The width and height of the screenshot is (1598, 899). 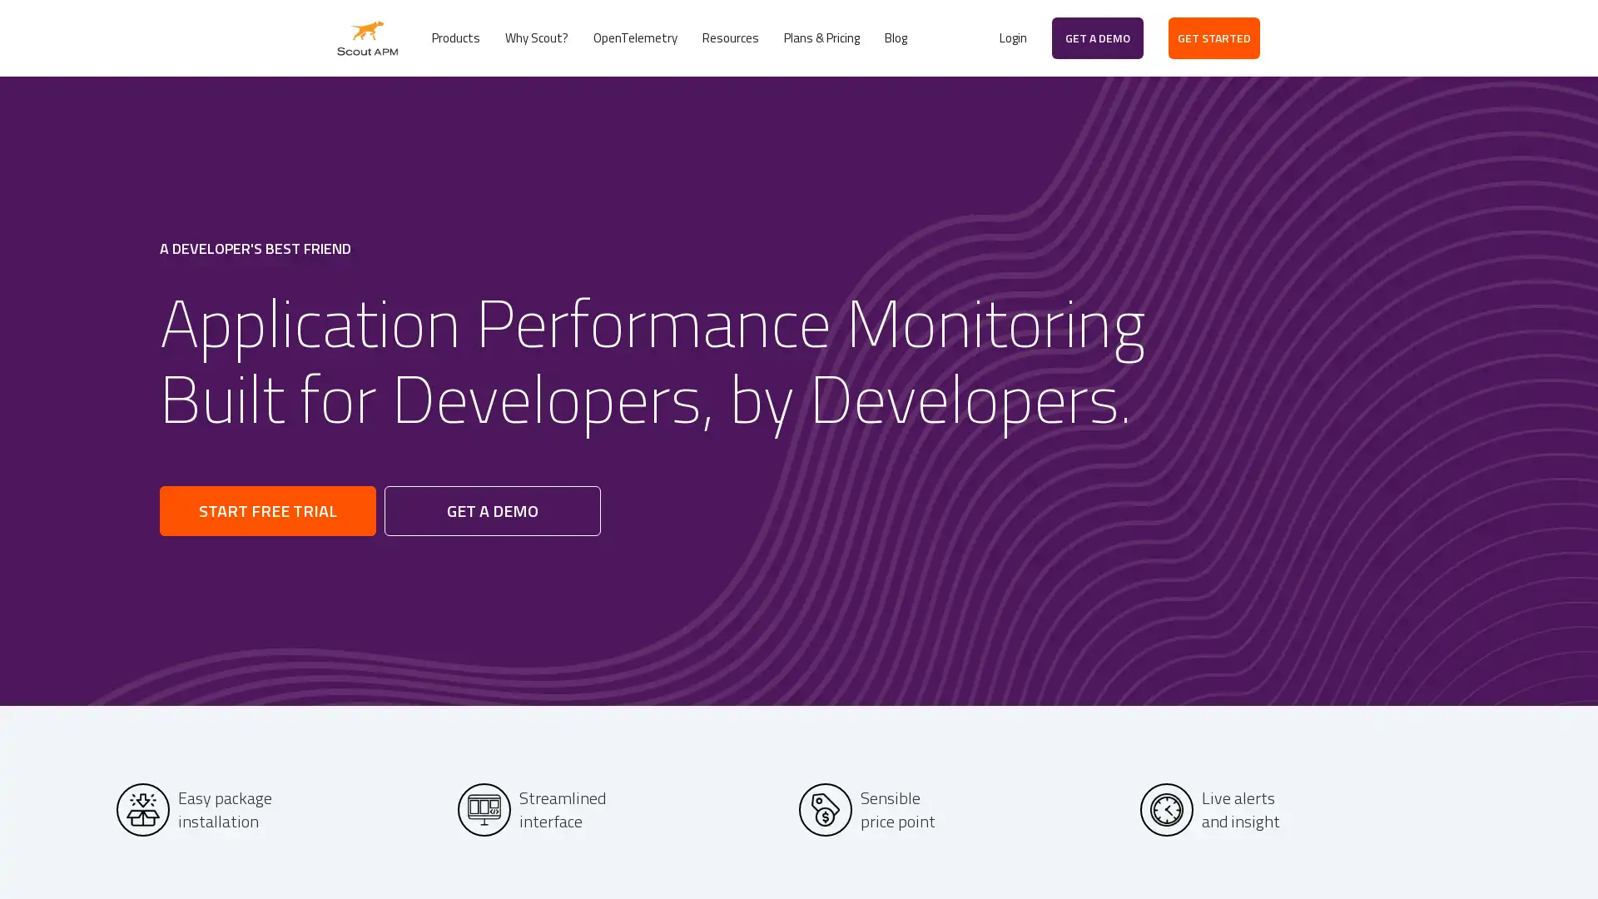 What do you see at coordinates (1098, 37) in the screenshot?
I see `GET A DEMO` at bounding box center [1098, 37].